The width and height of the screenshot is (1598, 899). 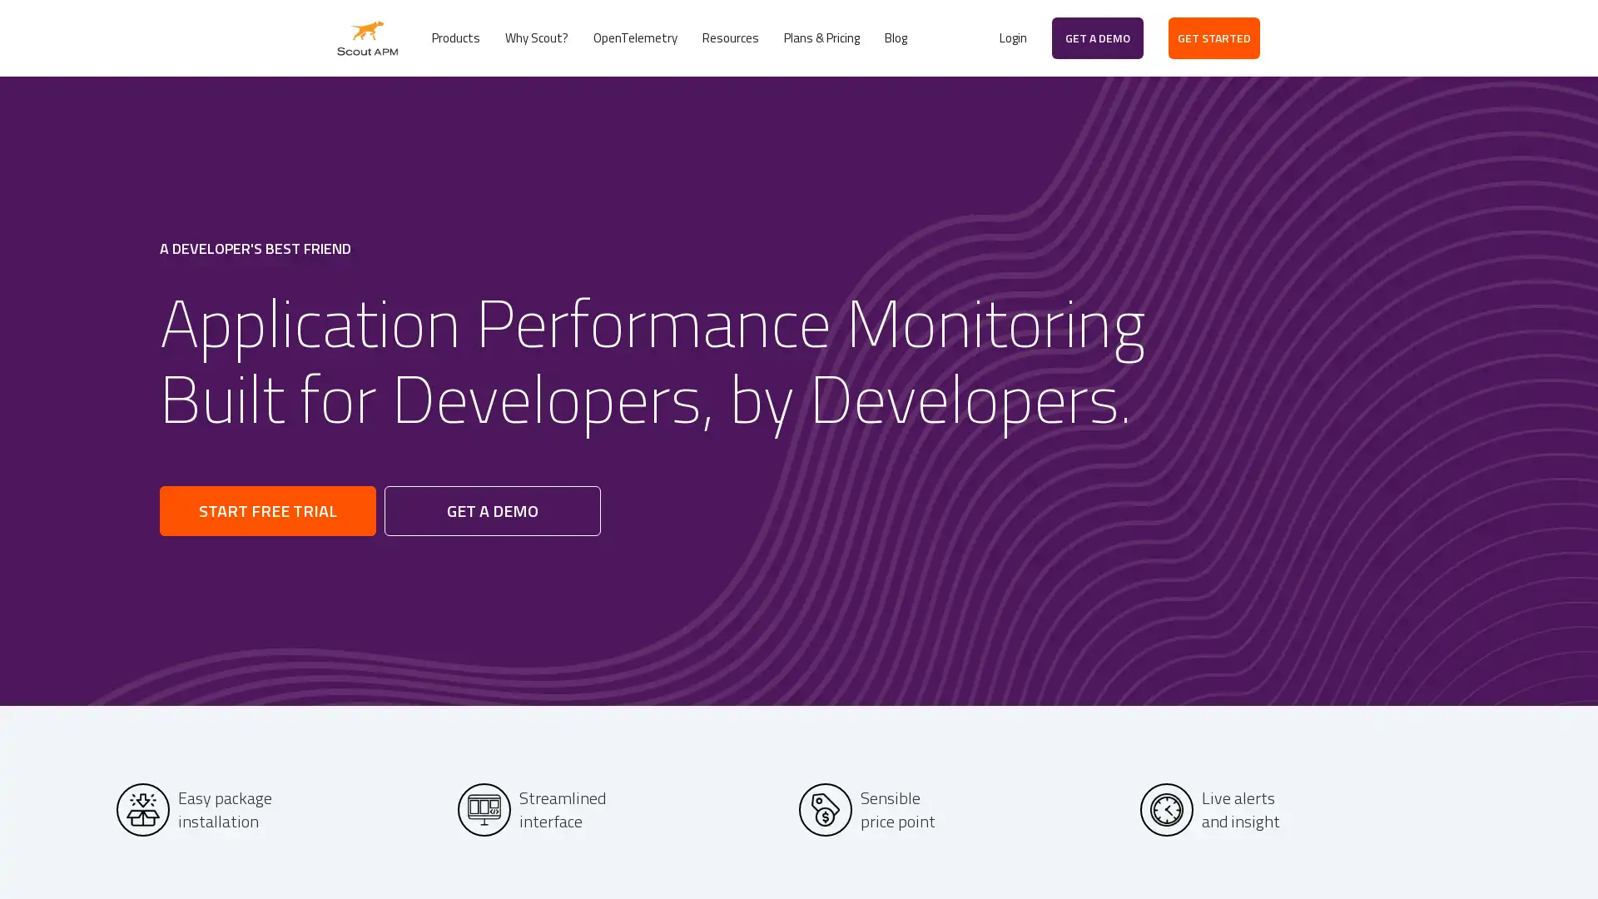 What do you see at coordinates (1098, 37) in the screenshot?
I see `GET A DEMO` at bounding box center [1098, 37].